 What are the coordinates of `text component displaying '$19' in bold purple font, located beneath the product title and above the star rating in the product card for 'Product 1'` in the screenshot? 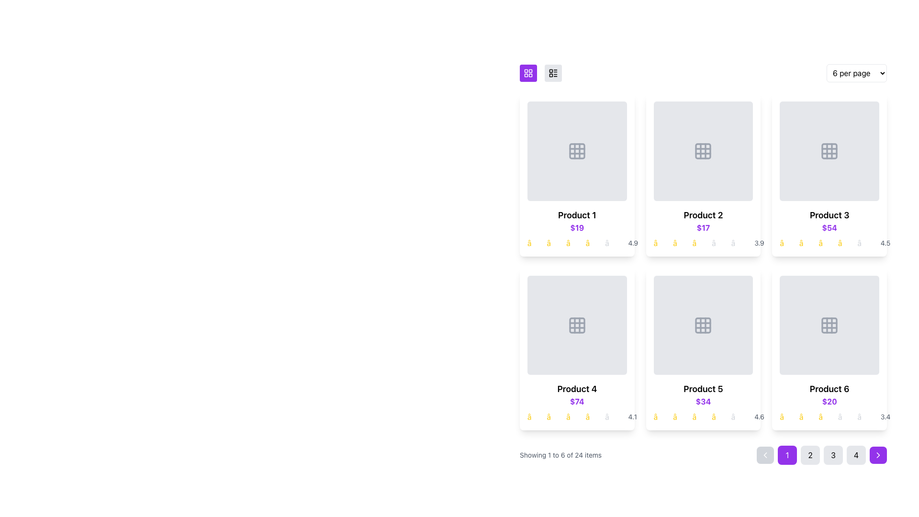 It's located at (576, 227).